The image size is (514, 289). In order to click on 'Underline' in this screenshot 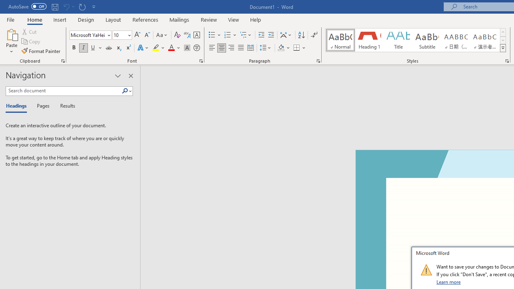, I will do `click(96, 48)`.